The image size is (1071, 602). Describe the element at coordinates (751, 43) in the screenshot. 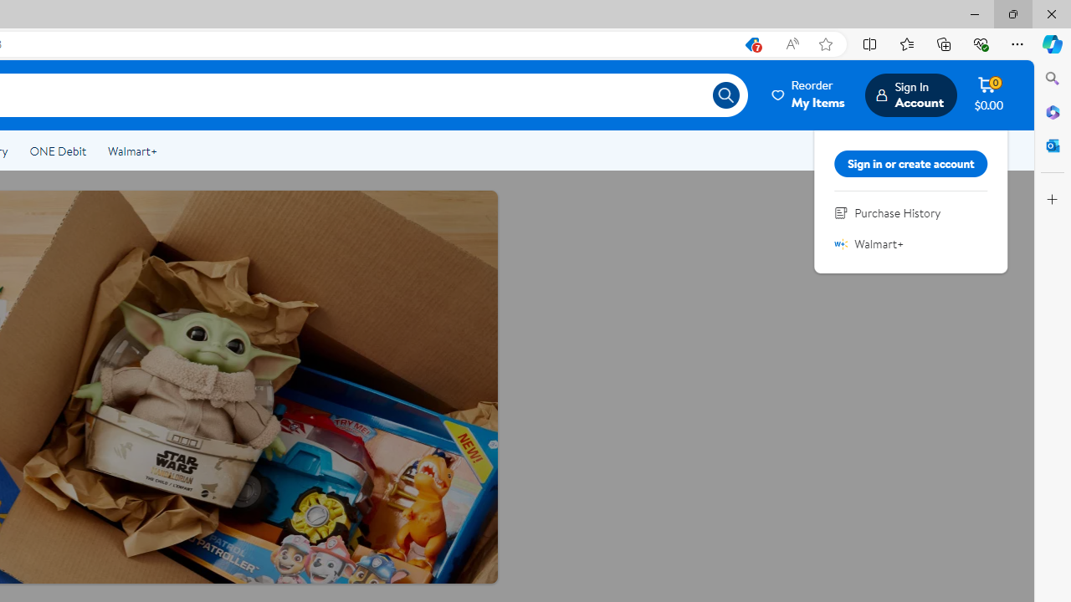

I see `'This site has coupons! Shopping in Microsoft Edge, 7'` at that location.